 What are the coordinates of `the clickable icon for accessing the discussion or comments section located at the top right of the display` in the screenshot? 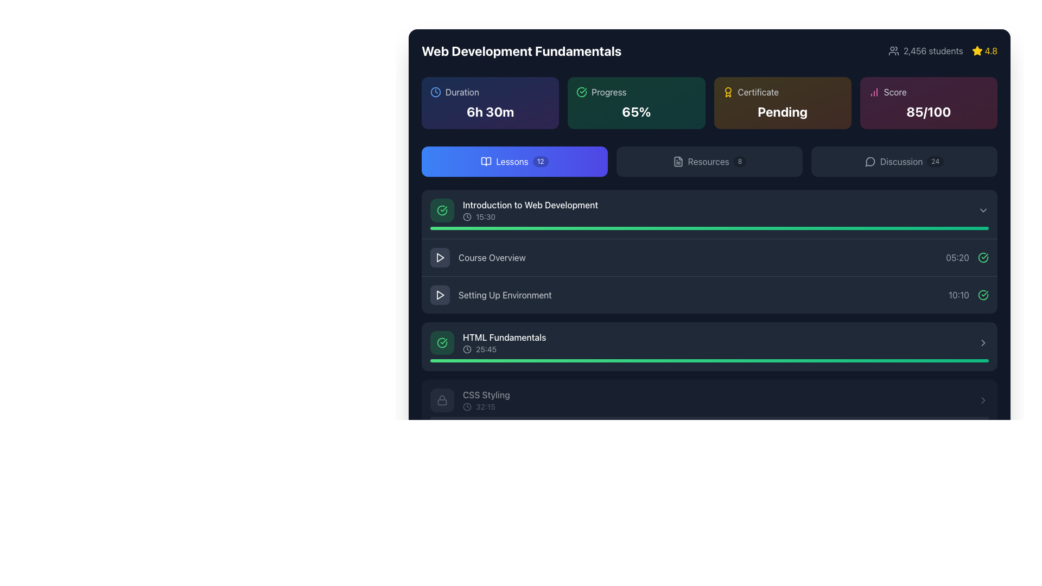 It's located at (870, 162).